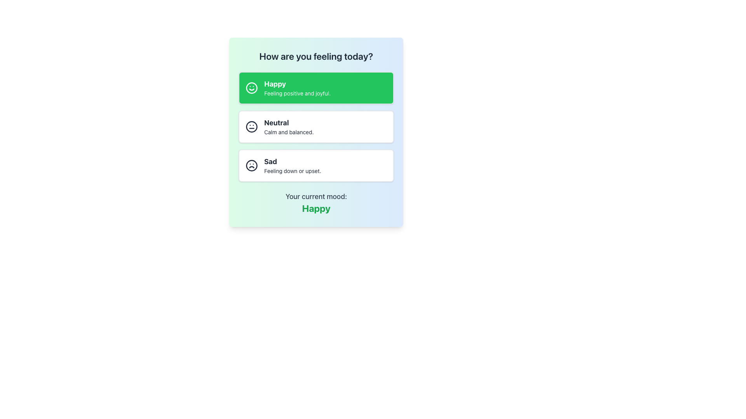  Describe the element at coordinates (288, 126) in the screenshot. I see `the 'Neutral' mood option card, which is the second card in a vertical list of mood states between 'Happy' and 'Sad'` at that location.